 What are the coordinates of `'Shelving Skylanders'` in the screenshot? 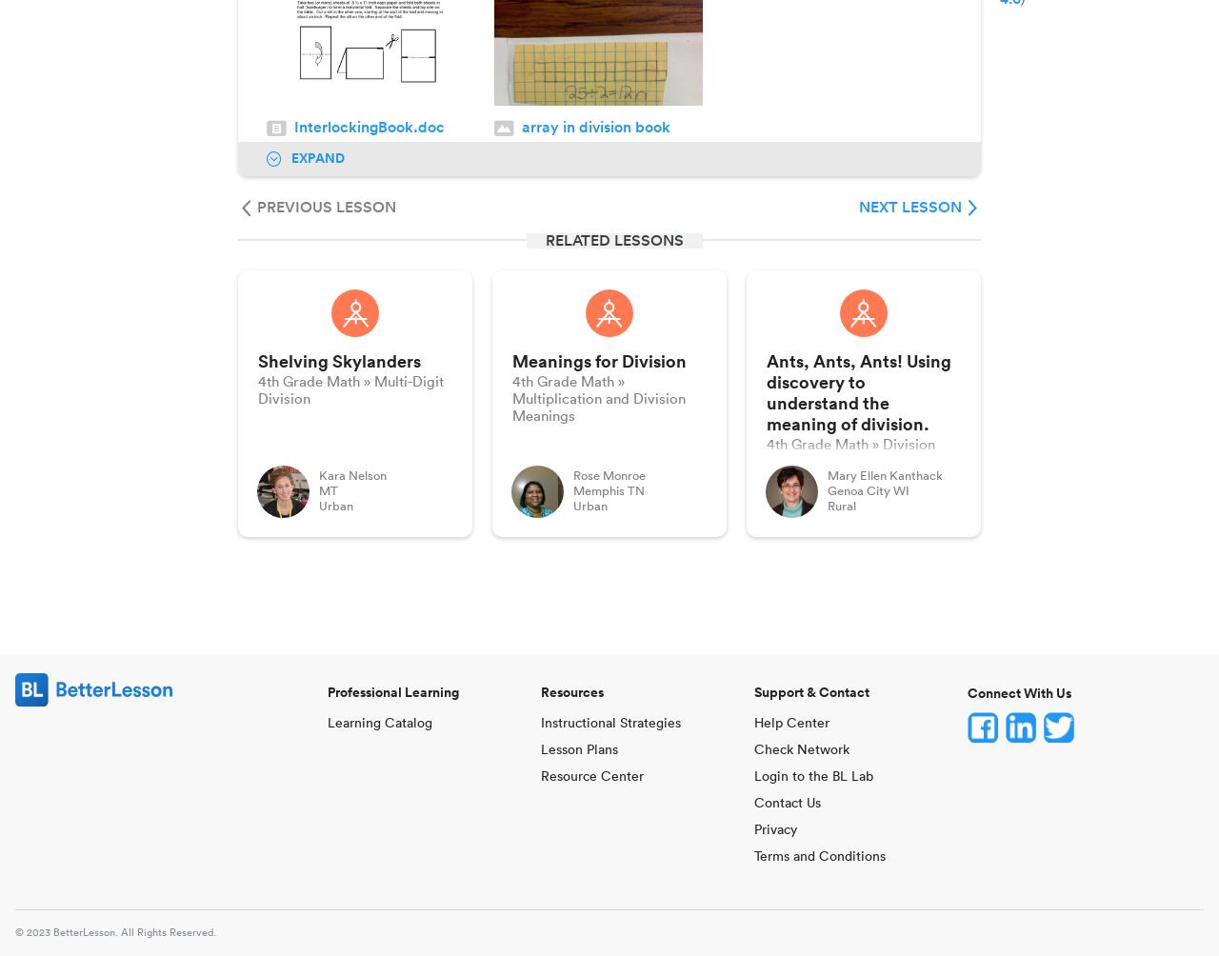 It's located at (339, 361).